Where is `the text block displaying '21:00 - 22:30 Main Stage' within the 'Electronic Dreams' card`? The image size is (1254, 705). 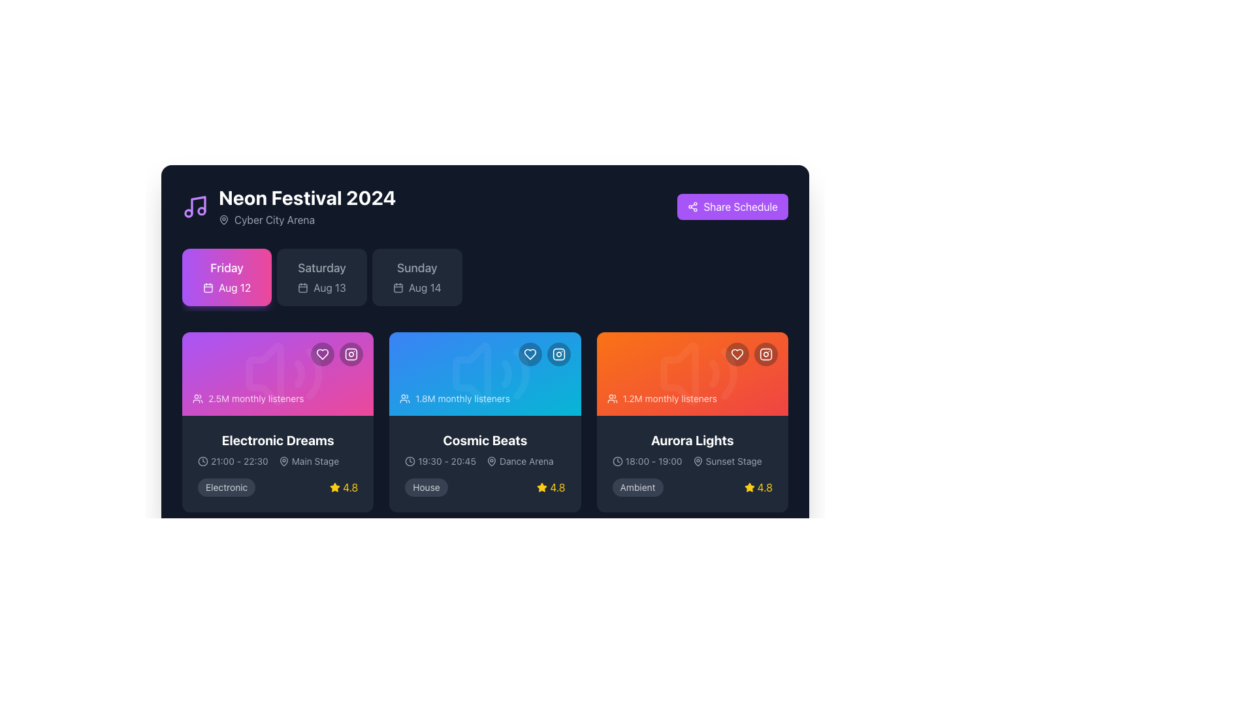 the text block displaying '21:00 - 22:30 Main Stage' within the 'Electronic Dreams' card is located at coordinates (277, 460).